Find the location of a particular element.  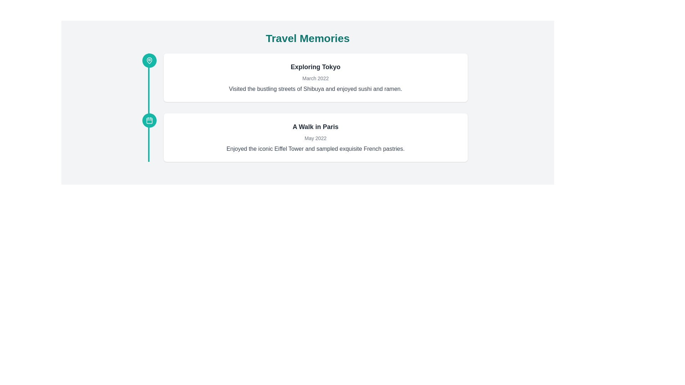

descriptive text element located under the subtitle 'May 2022' of the timeline entry titled 'A Walk in Paris' is located at coordinates (315, 148).